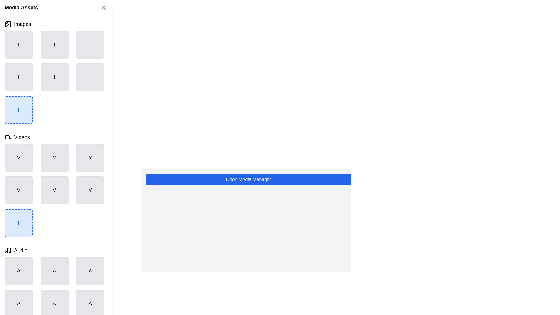 The height and width of the screenshot is (315, 560). What do you see at coordinates (90, 77) in the screenshot?
I see `the content of the visual placeholder located in the third column of the second row within the 'Images' section of the sidebar` at bounding box center [90, 77].